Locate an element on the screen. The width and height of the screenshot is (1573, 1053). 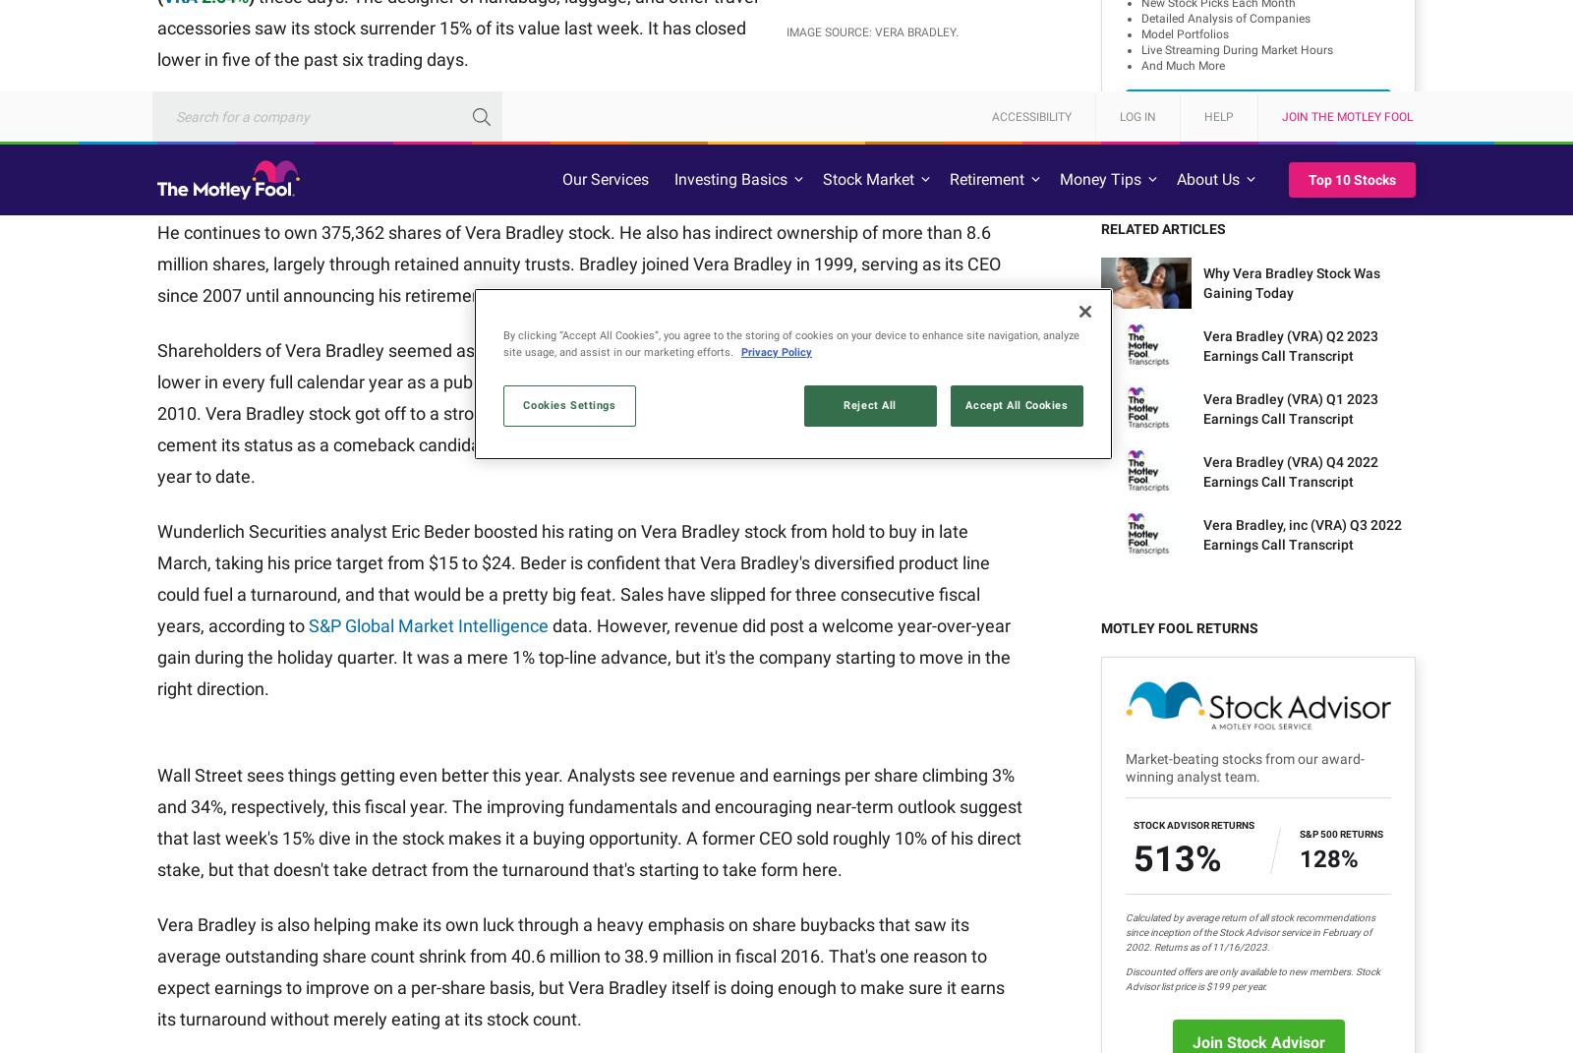
'Market data powered by' is located at coordinates (231, 803).